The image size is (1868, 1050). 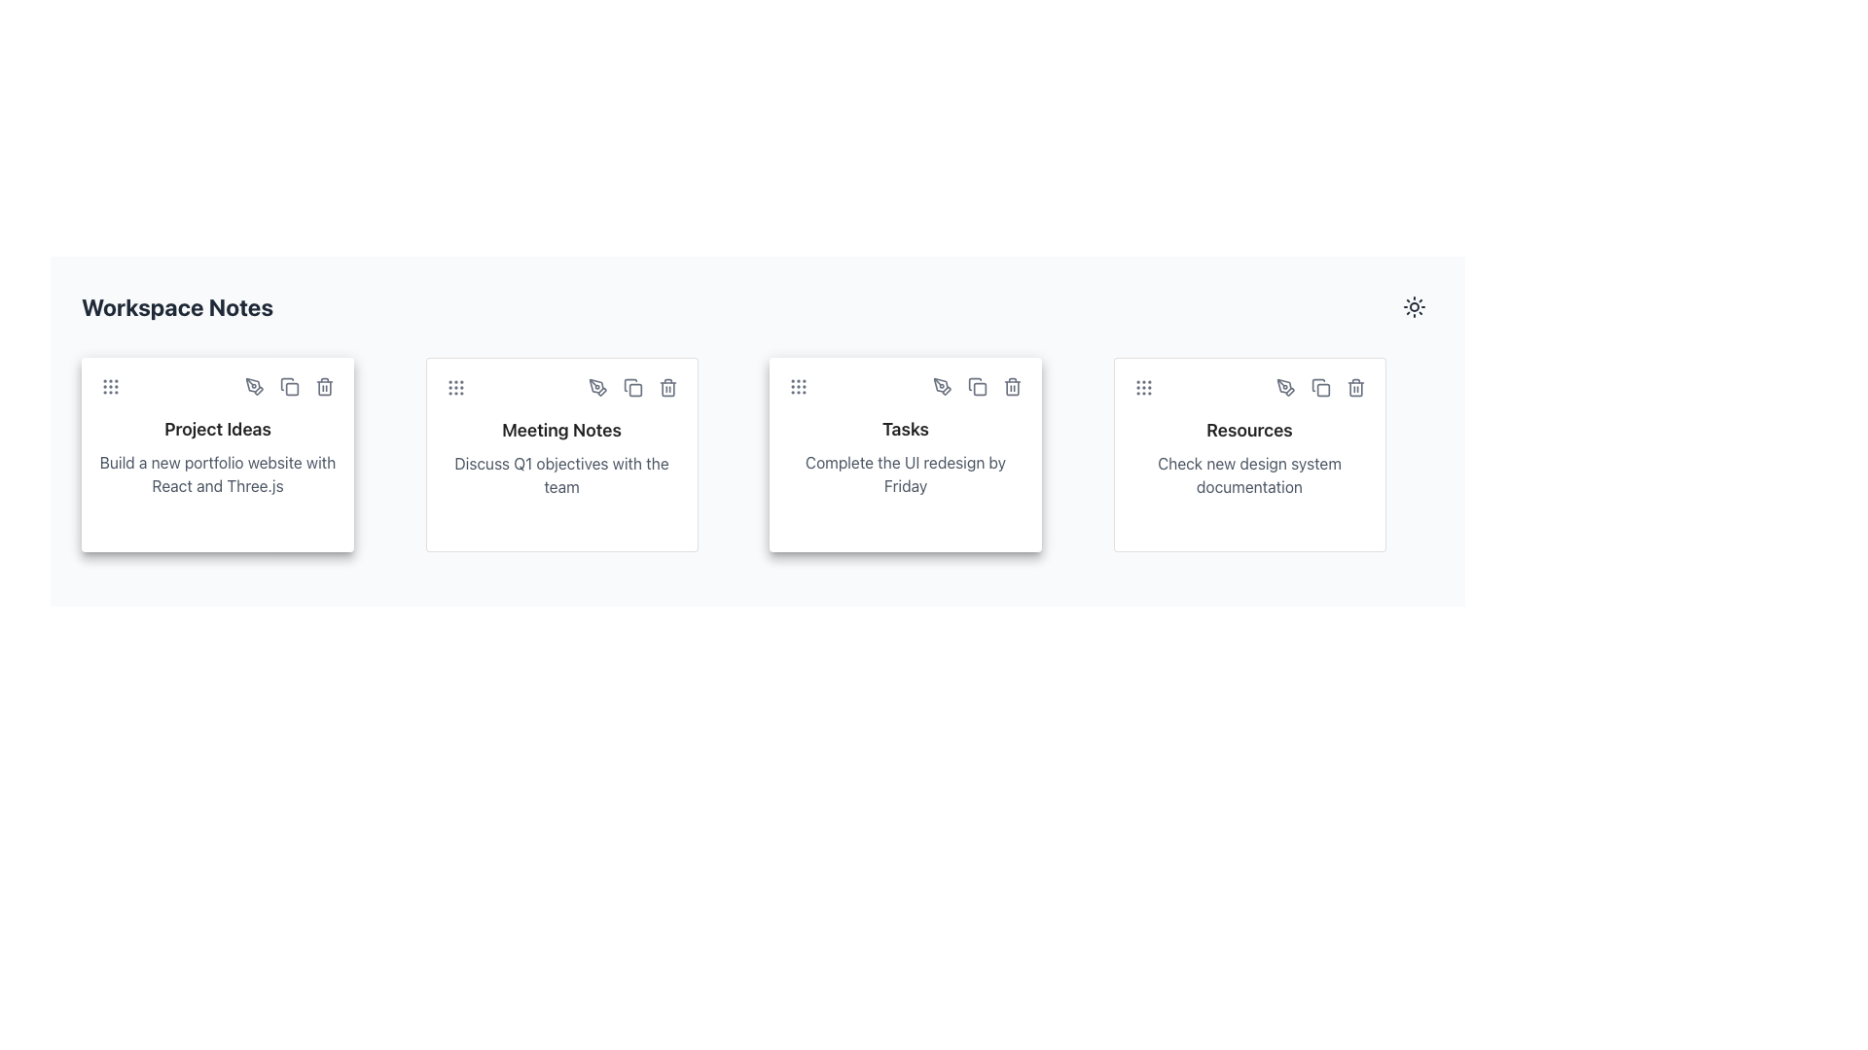 I want to click on the icon button featuring a pen and tool, which is the second icon in a group of three above the 'Tasks' card, so click(x=943, y=386).